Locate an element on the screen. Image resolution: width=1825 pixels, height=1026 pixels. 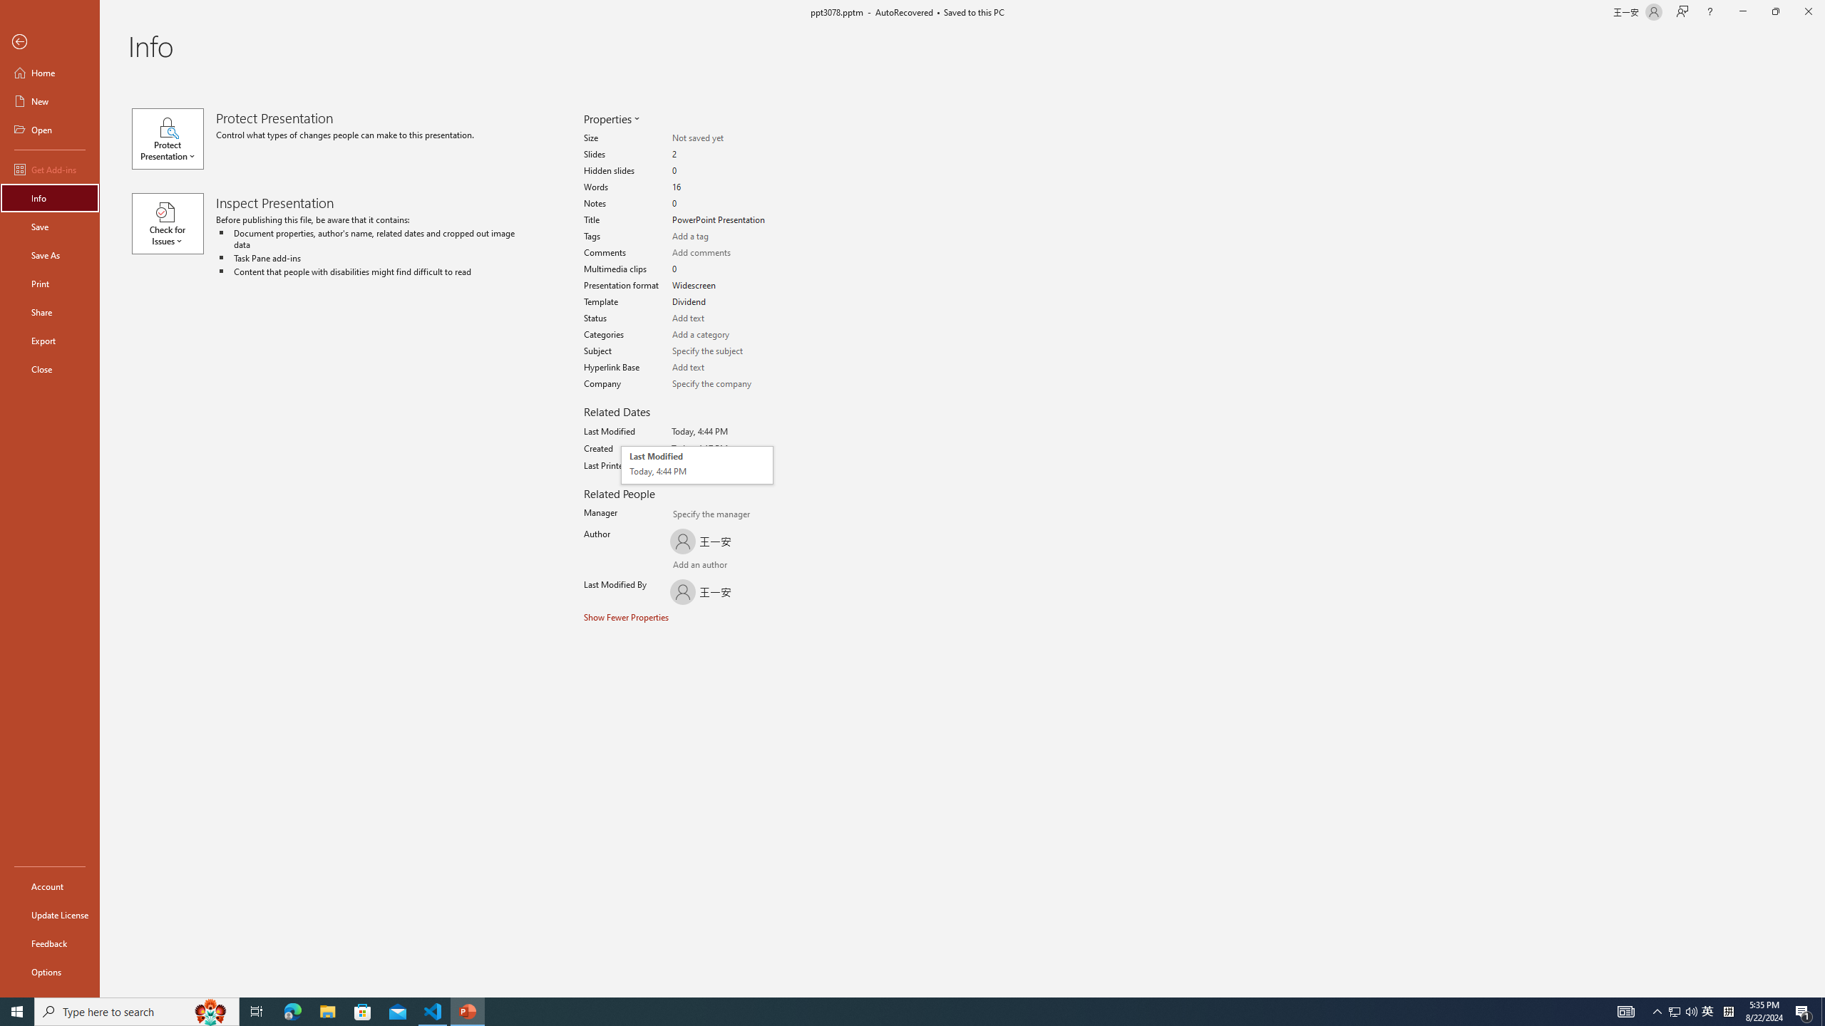
'Show Fewer Properties' is located at coordinates (627, 616).